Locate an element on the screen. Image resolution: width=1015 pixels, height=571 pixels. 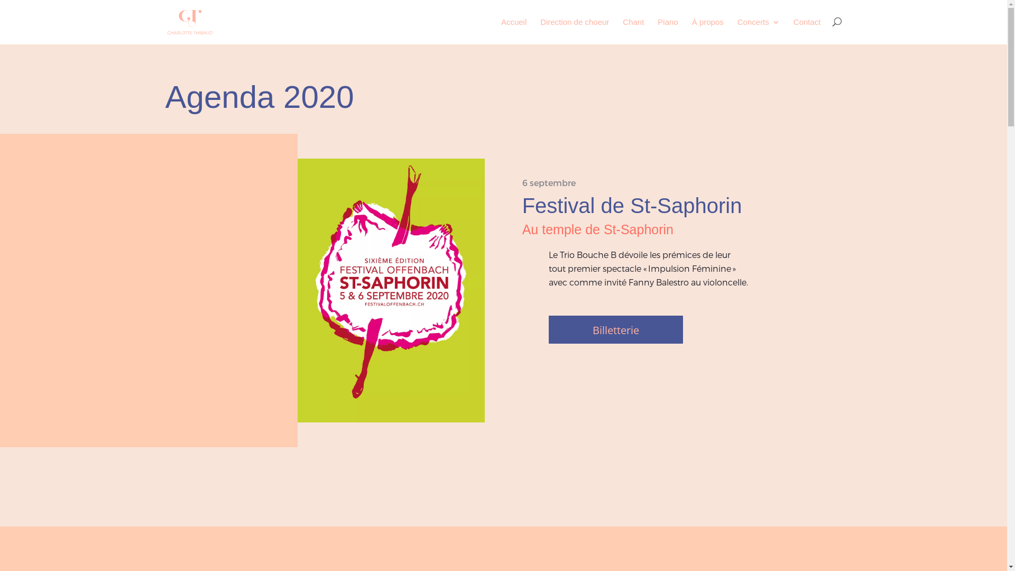
'Chant' is located at coordinates (622, 30).